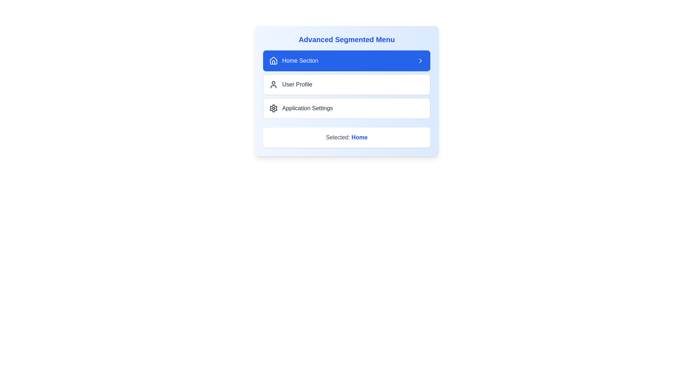 This screenshot has width=692, height=389. Describe the element at coordinates (307, 108) in the screenshot. I see `the 'Application Settings' text label, which is styled with a medium font weight and is part of a segmented menu, located to the right of a gear icon` at that location.